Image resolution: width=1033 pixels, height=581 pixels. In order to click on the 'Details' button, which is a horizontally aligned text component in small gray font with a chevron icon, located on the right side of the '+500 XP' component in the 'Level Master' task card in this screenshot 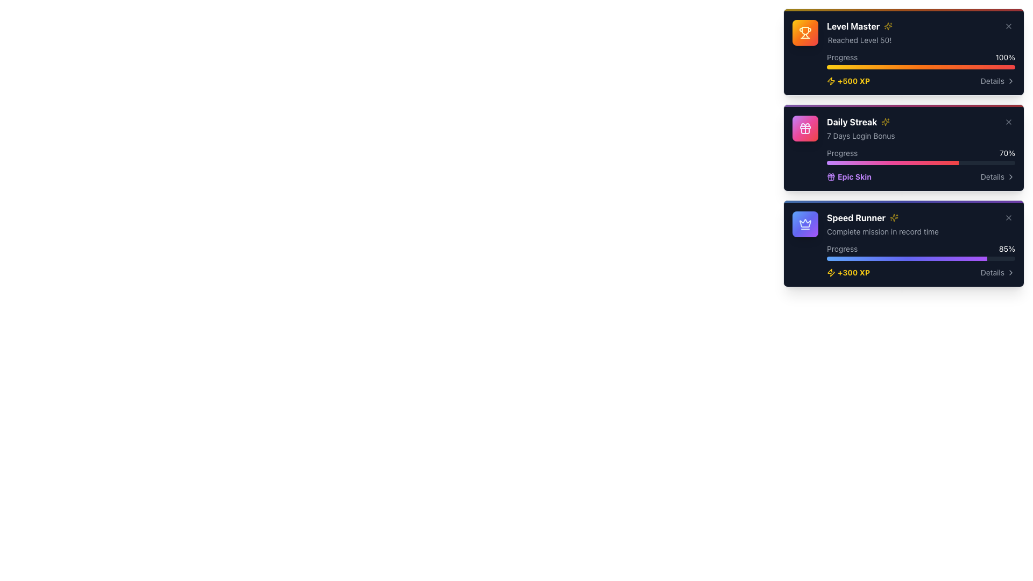, I will do `click(997, 80)`.